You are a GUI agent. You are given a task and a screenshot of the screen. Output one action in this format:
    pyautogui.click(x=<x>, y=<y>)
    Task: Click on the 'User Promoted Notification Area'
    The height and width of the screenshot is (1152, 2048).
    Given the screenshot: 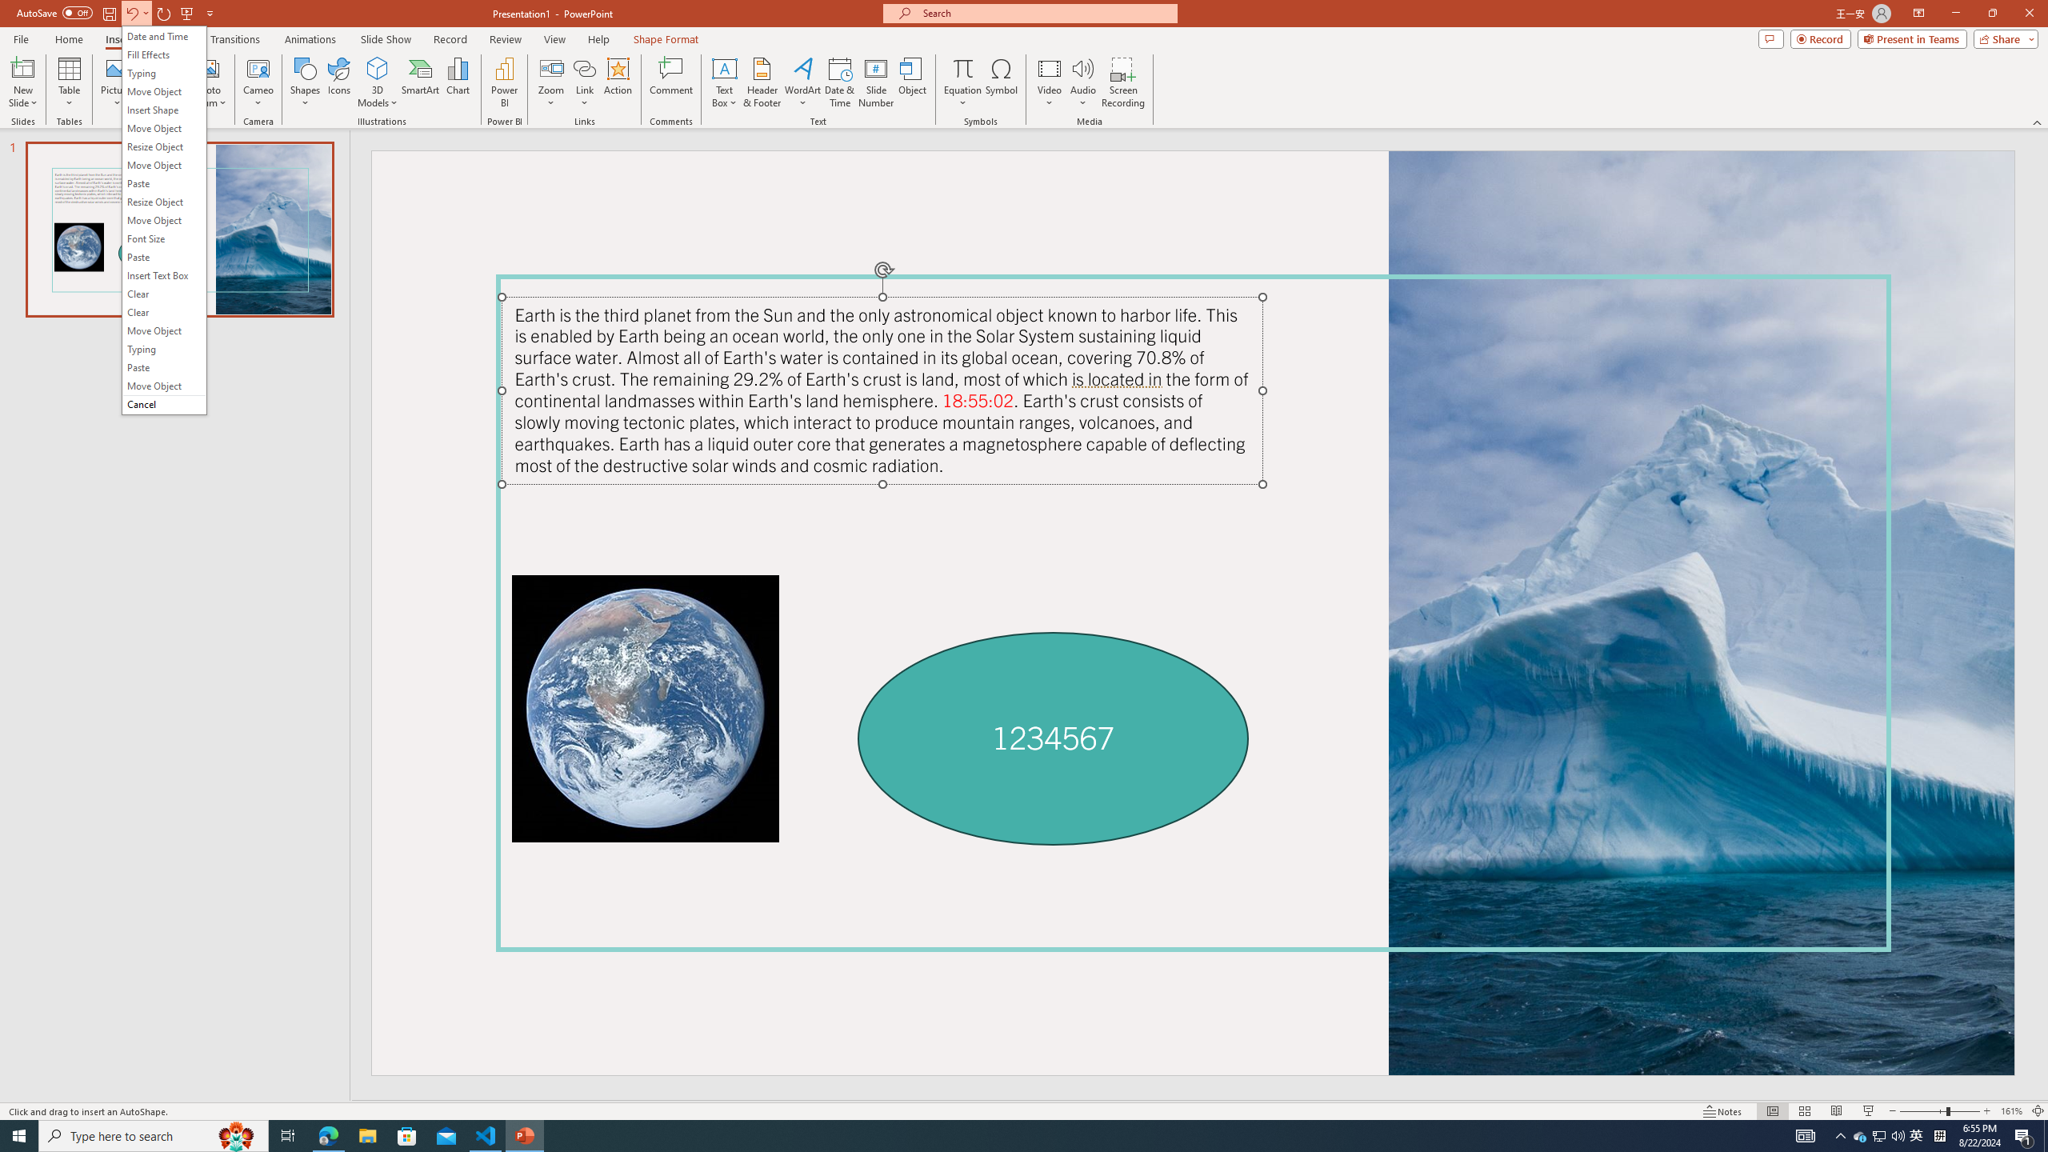 What is the action you would take?
    pyautogui.click(x=1879, y=1134)
    